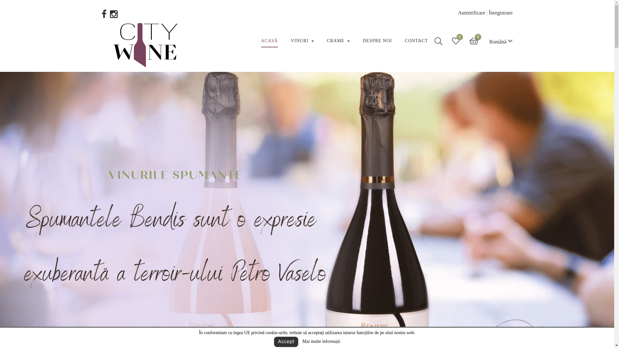 The height and width of the screenshot is (348, 619). I want to click on 'Autentificare', so click(457, 13).